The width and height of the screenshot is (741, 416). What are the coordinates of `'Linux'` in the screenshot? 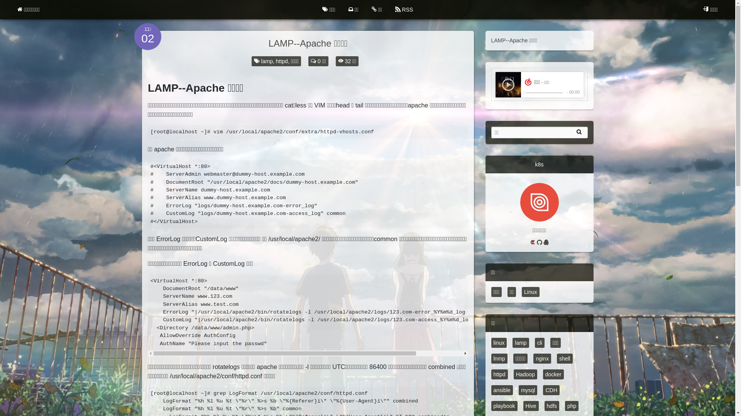 It's located at (530, 292).